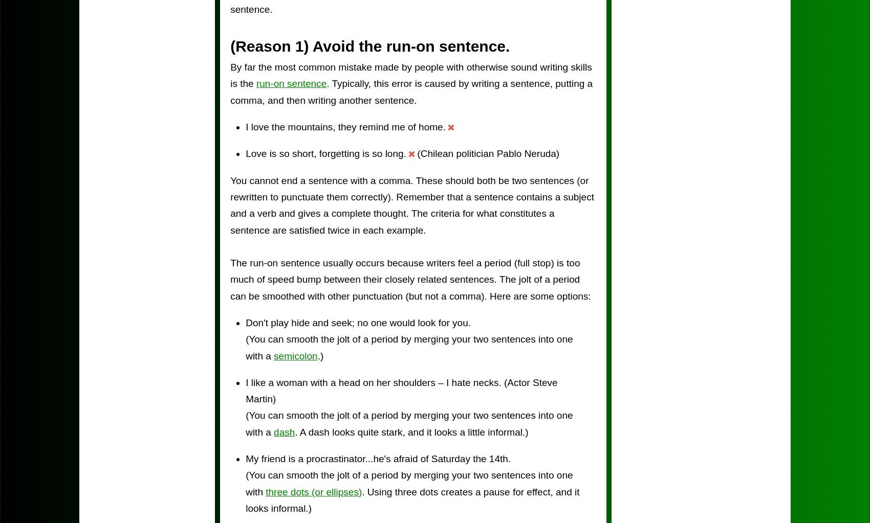 The height and width of the screenshot is (523, 870). What do you see at coordinates (411, 499) in the screenshot?
I see `'. Using three dots creates a pause for effect, and it looks informal.)'` at bounding box center [411, 499].